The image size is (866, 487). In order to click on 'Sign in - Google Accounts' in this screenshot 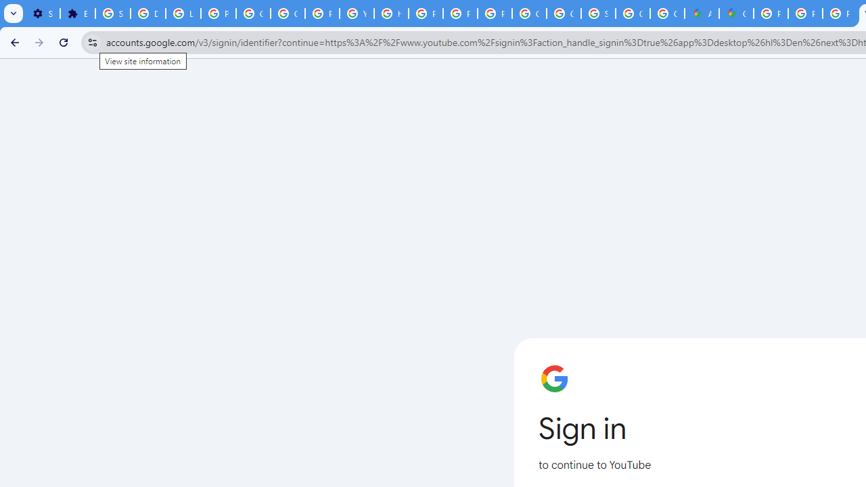, I will do `click(597, 14)`.